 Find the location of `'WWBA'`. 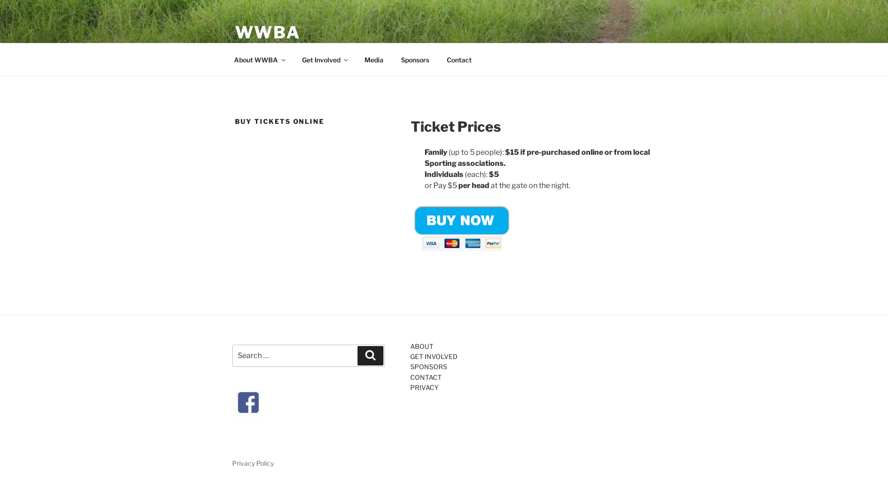

'WWBA' is located at coordinates (267, 31).